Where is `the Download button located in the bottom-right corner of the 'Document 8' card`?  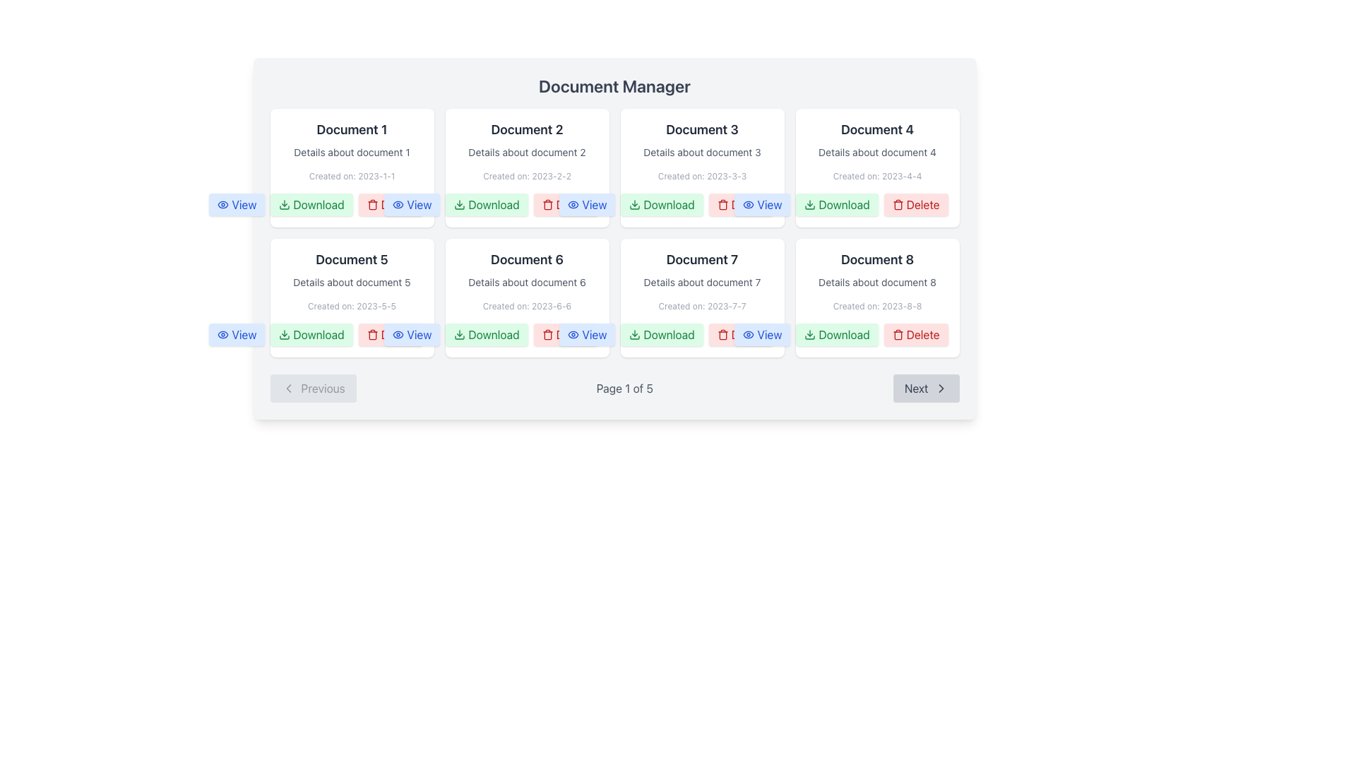
the Download button located in the bottom-right corner of the 'Document 8' card is located at coordinates (837, 335).